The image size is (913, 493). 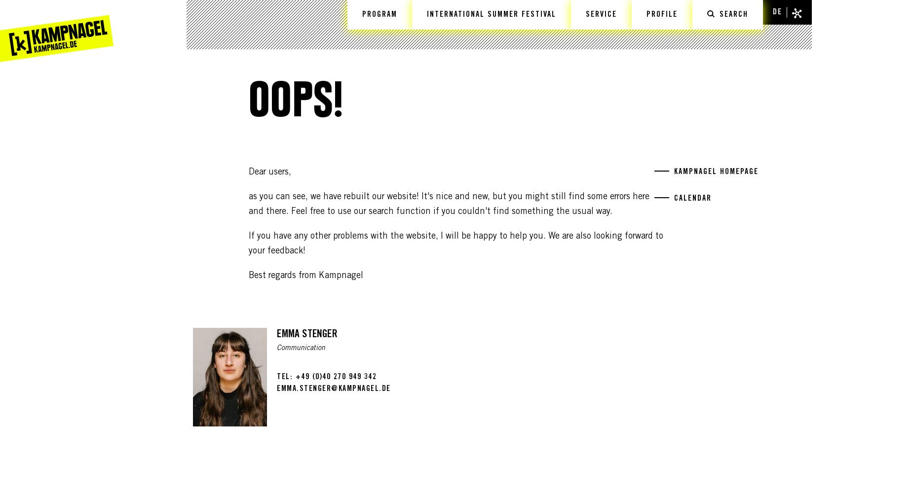 I want to click on 'Communication', so click(x=301, y=348).